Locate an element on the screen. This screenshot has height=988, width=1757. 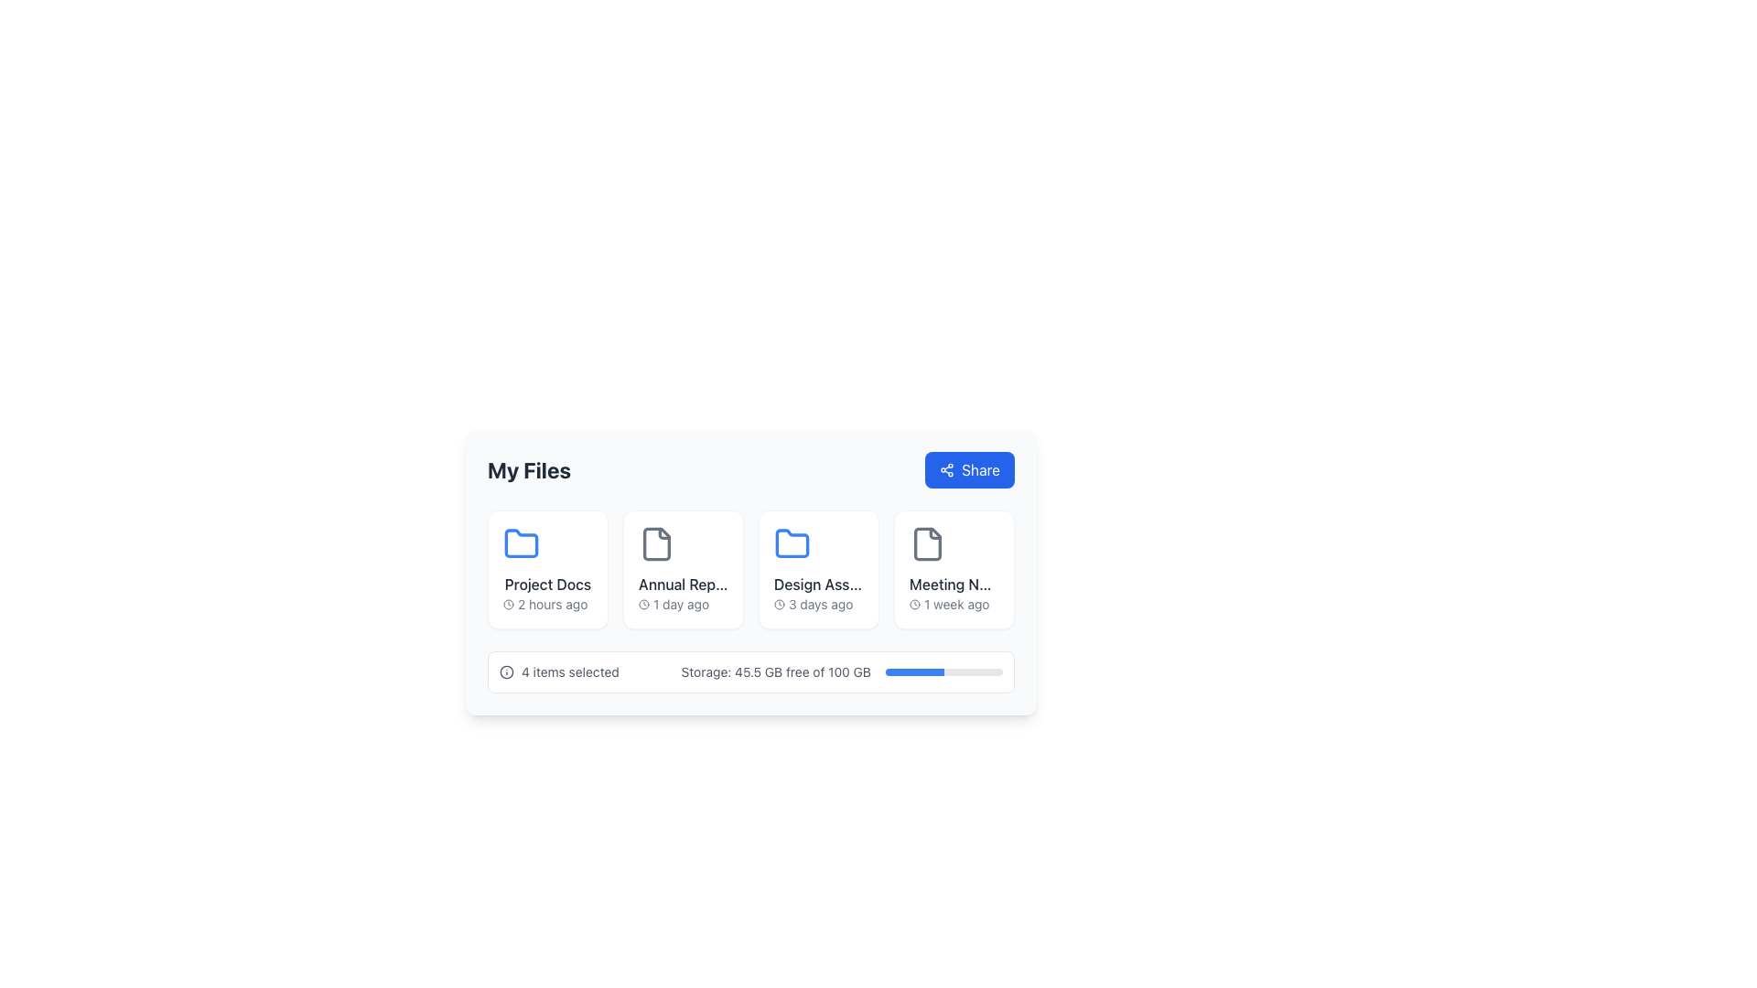
the Static Text element that serves as a header or title for the section indicating the current content grouping related to the user's files is located at coordinates (528, 468).